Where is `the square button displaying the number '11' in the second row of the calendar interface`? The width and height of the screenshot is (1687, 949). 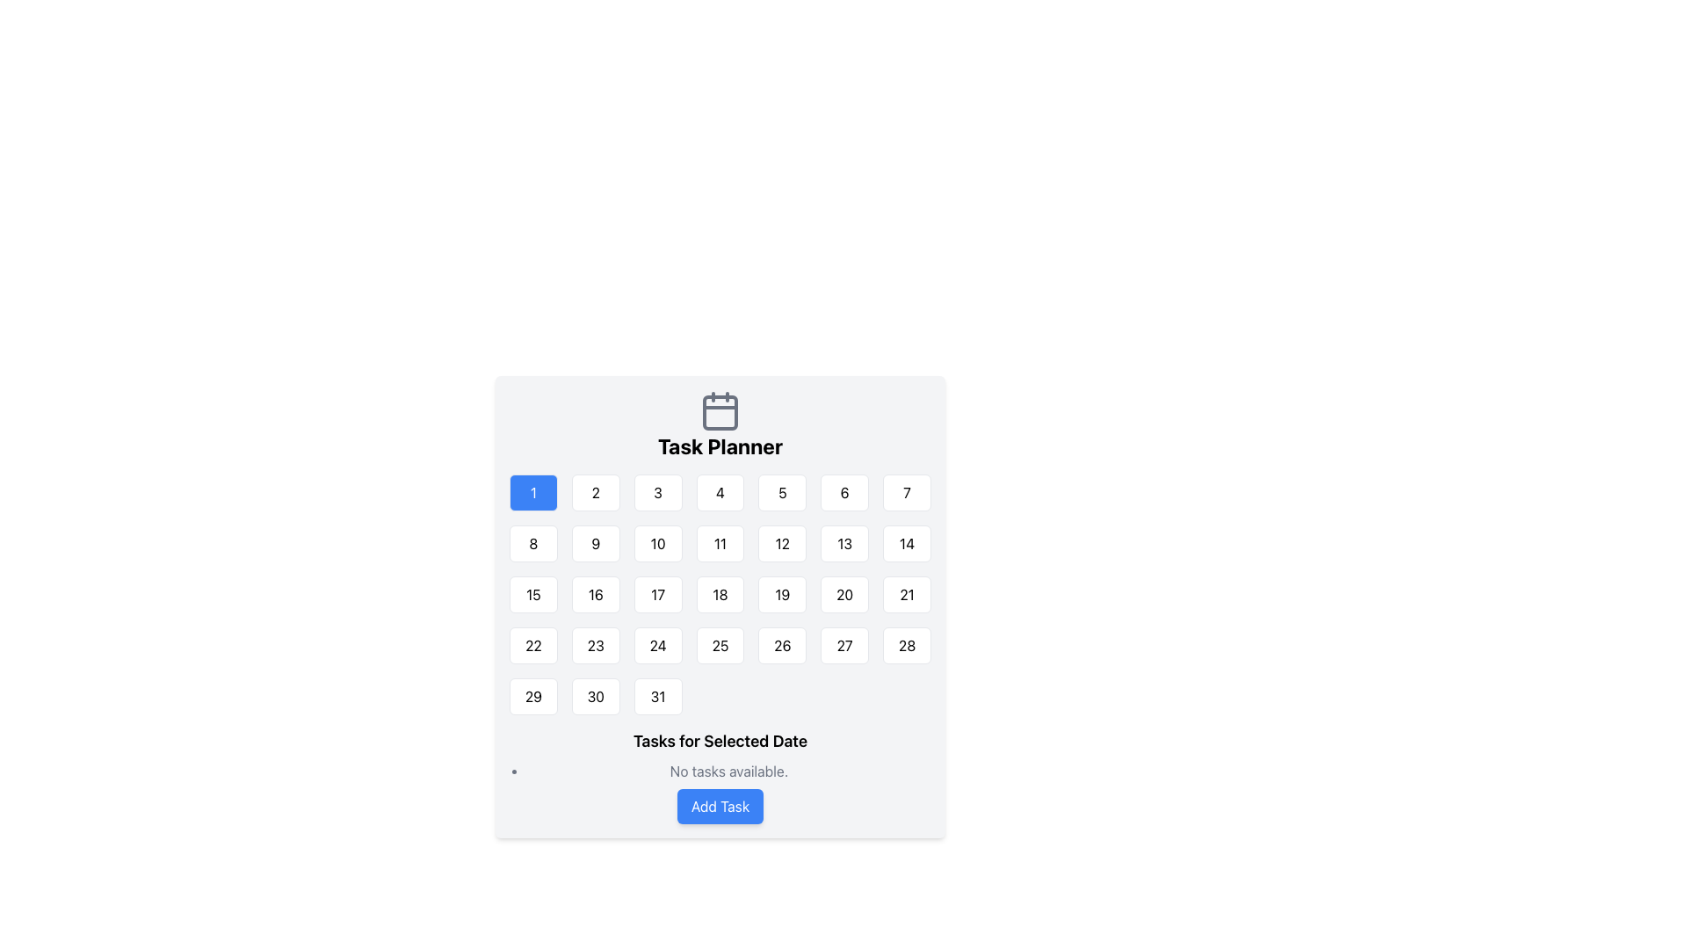 the square button displaying the number '11' in the second row of the calendar interface is located at coordinates (720, 542).